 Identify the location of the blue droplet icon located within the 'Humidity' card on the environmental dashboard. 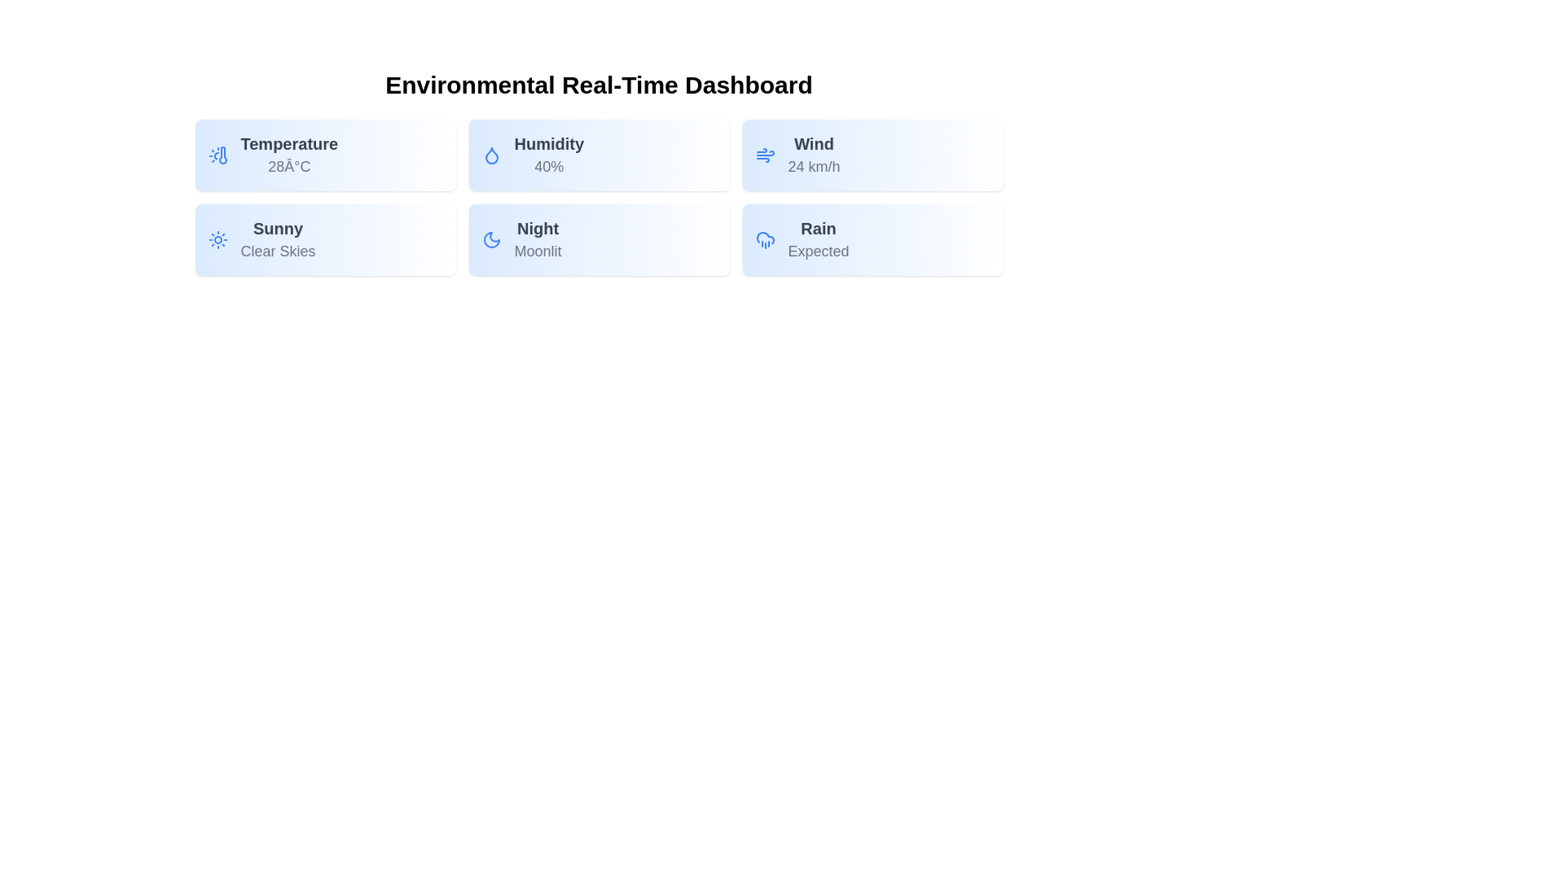
(490, 155).